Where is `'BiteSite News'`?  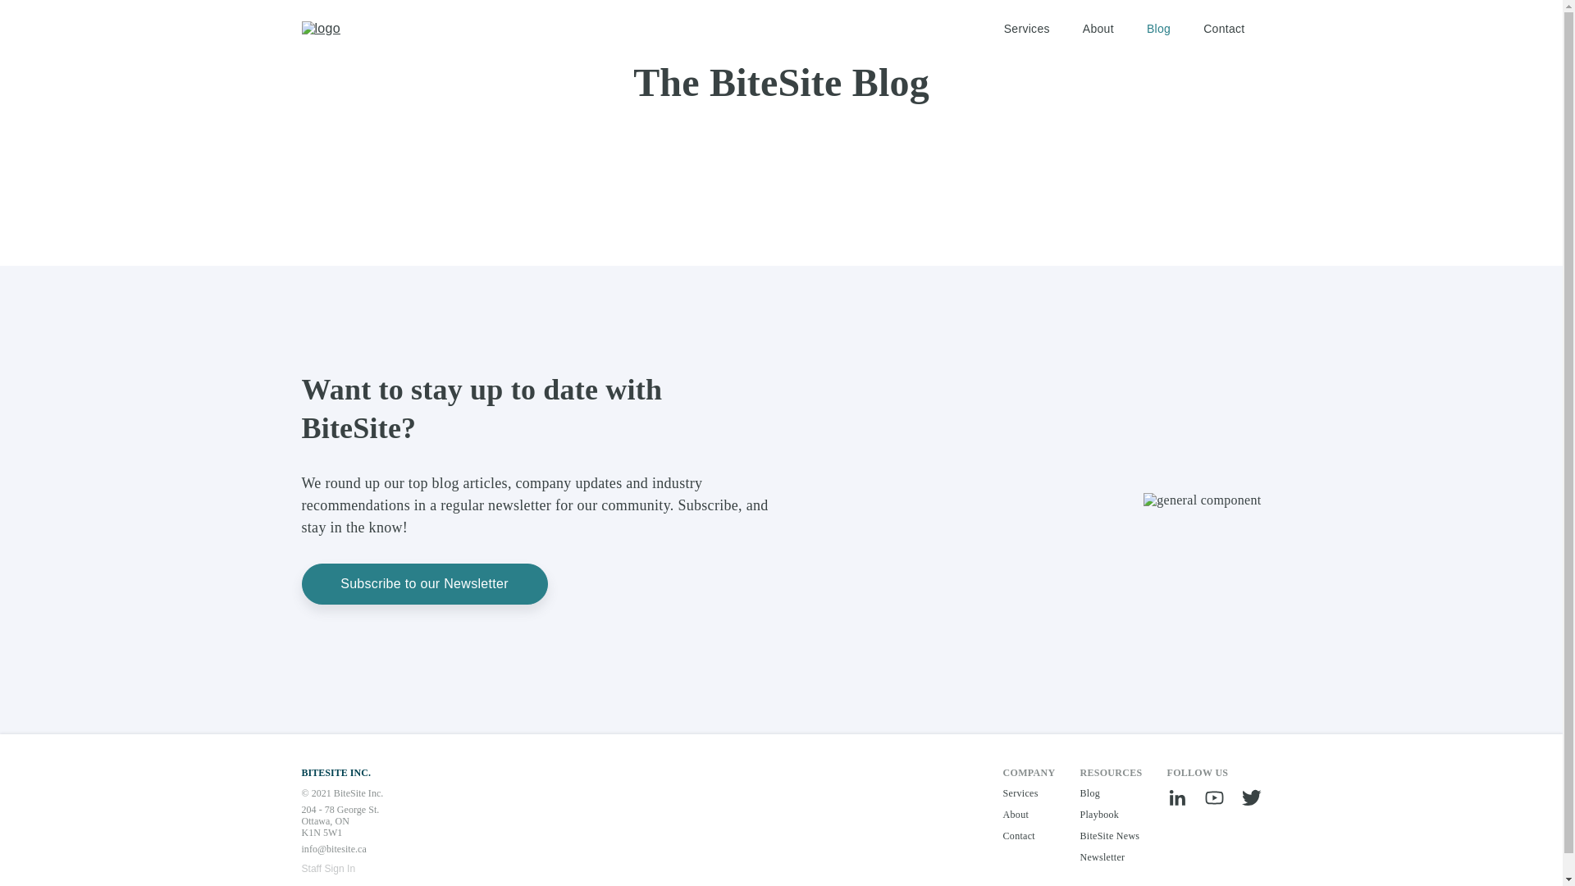 'BiteSite News' is located at coordinates (1079, 835).